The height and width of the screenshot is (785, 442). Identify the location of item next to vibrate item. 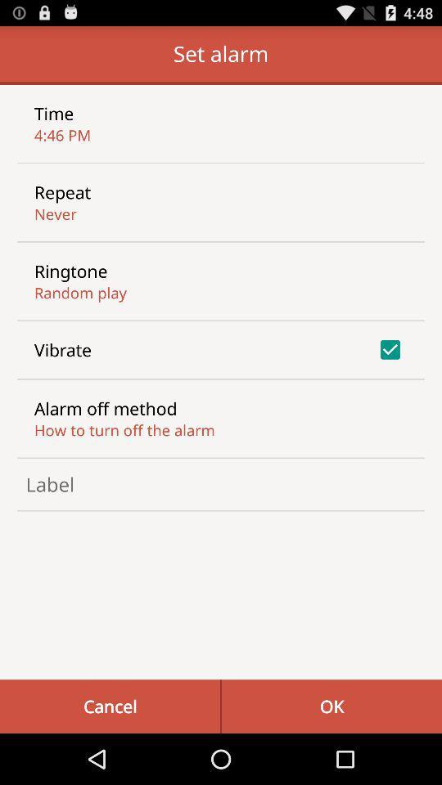
(389, 349).